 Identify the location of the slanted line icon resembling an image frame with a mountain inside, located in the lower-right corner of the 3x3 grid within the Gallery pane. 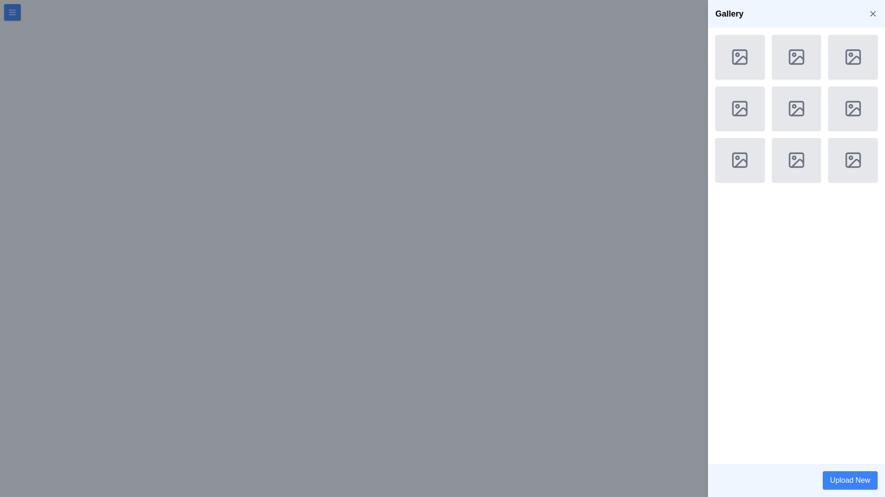
(741, 162).